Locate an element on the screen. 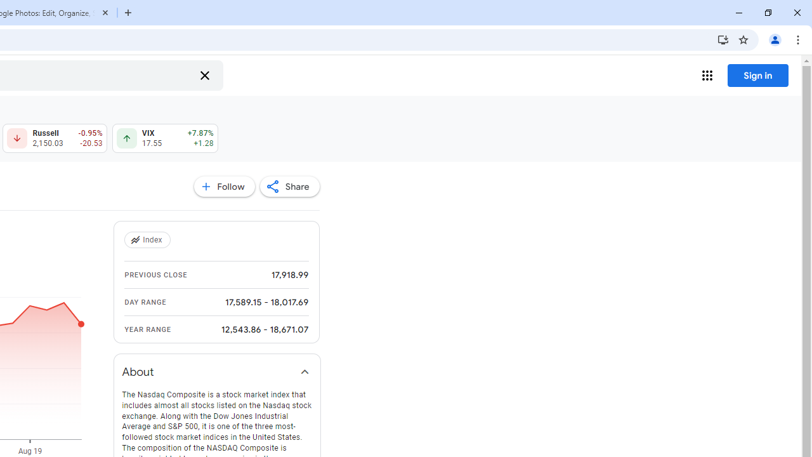  'Russell 2,150.03 Down by 0.95% -20.53' is located at coordinates (54, 138).